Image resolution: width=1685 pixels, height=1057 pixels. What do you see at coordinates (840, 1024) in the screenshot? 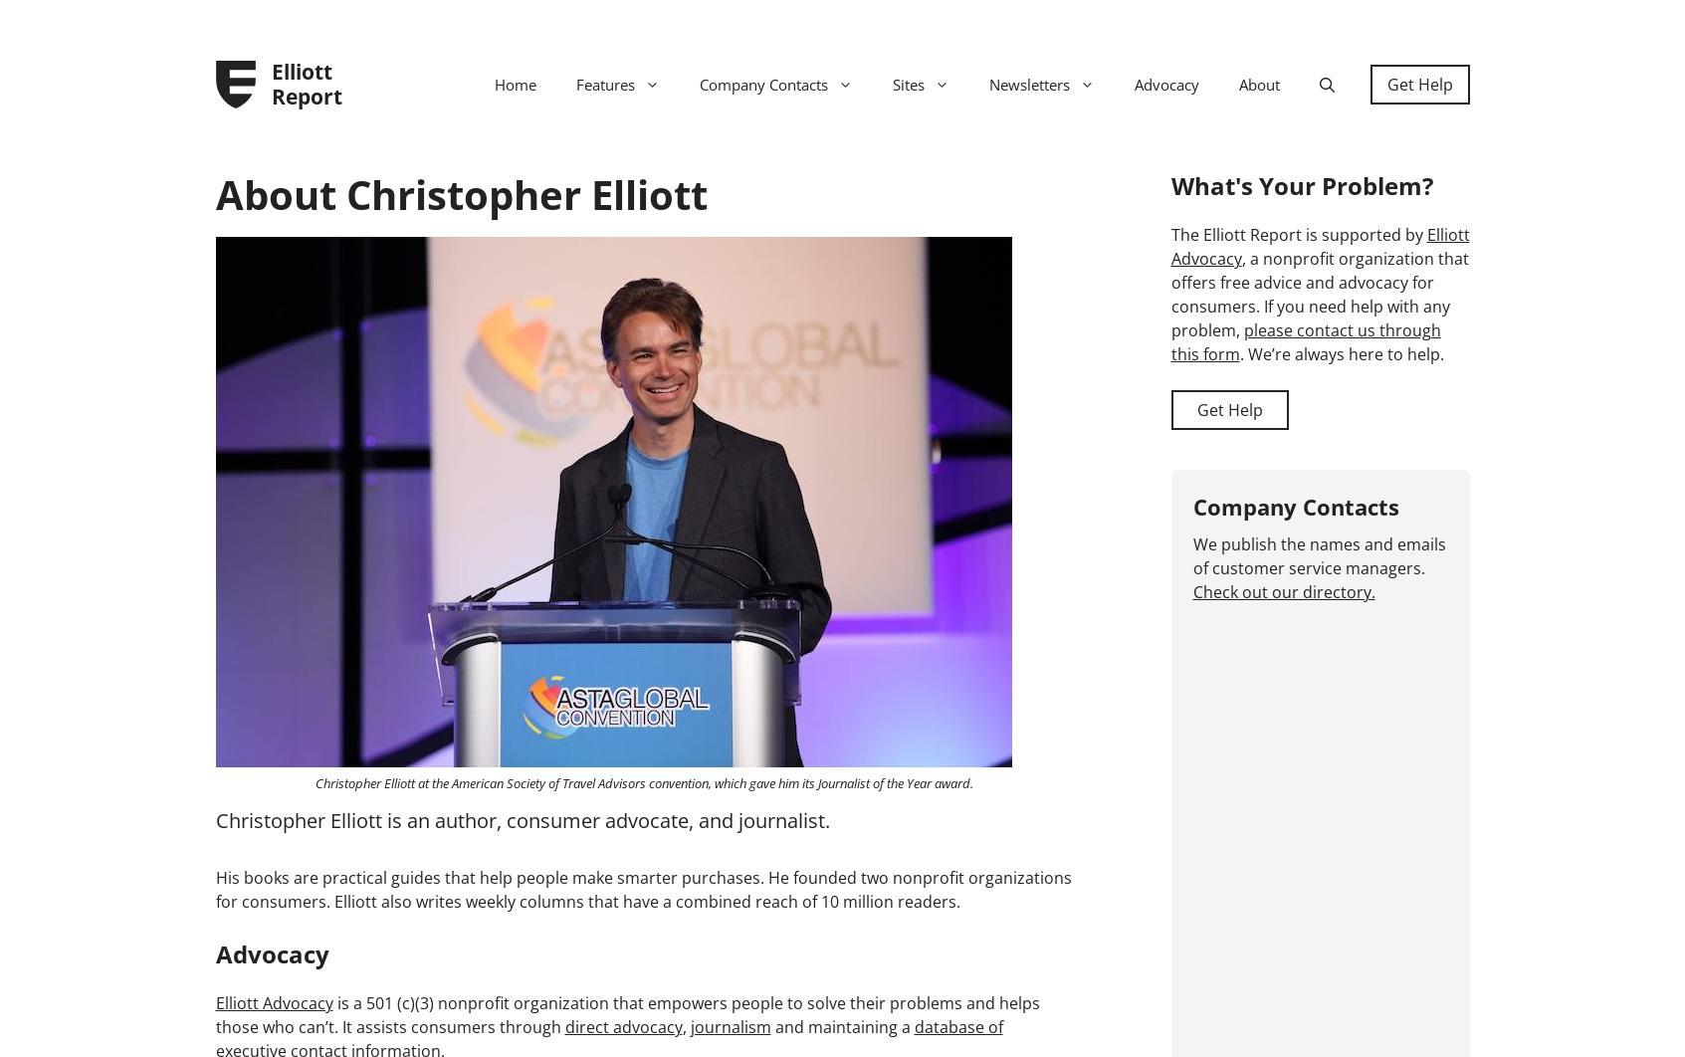
I see `'and maintaining a'` at bounding box center [840, 1024].